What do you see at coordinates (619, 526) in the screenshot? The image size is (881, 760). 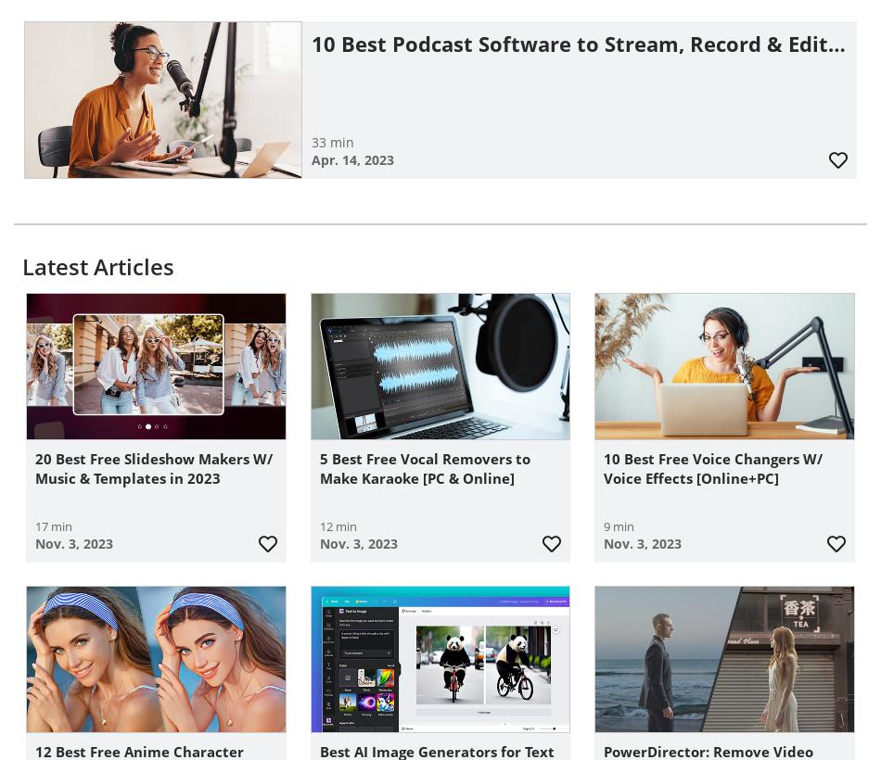 I see `'9 min'` at bounding box center [619, 526].